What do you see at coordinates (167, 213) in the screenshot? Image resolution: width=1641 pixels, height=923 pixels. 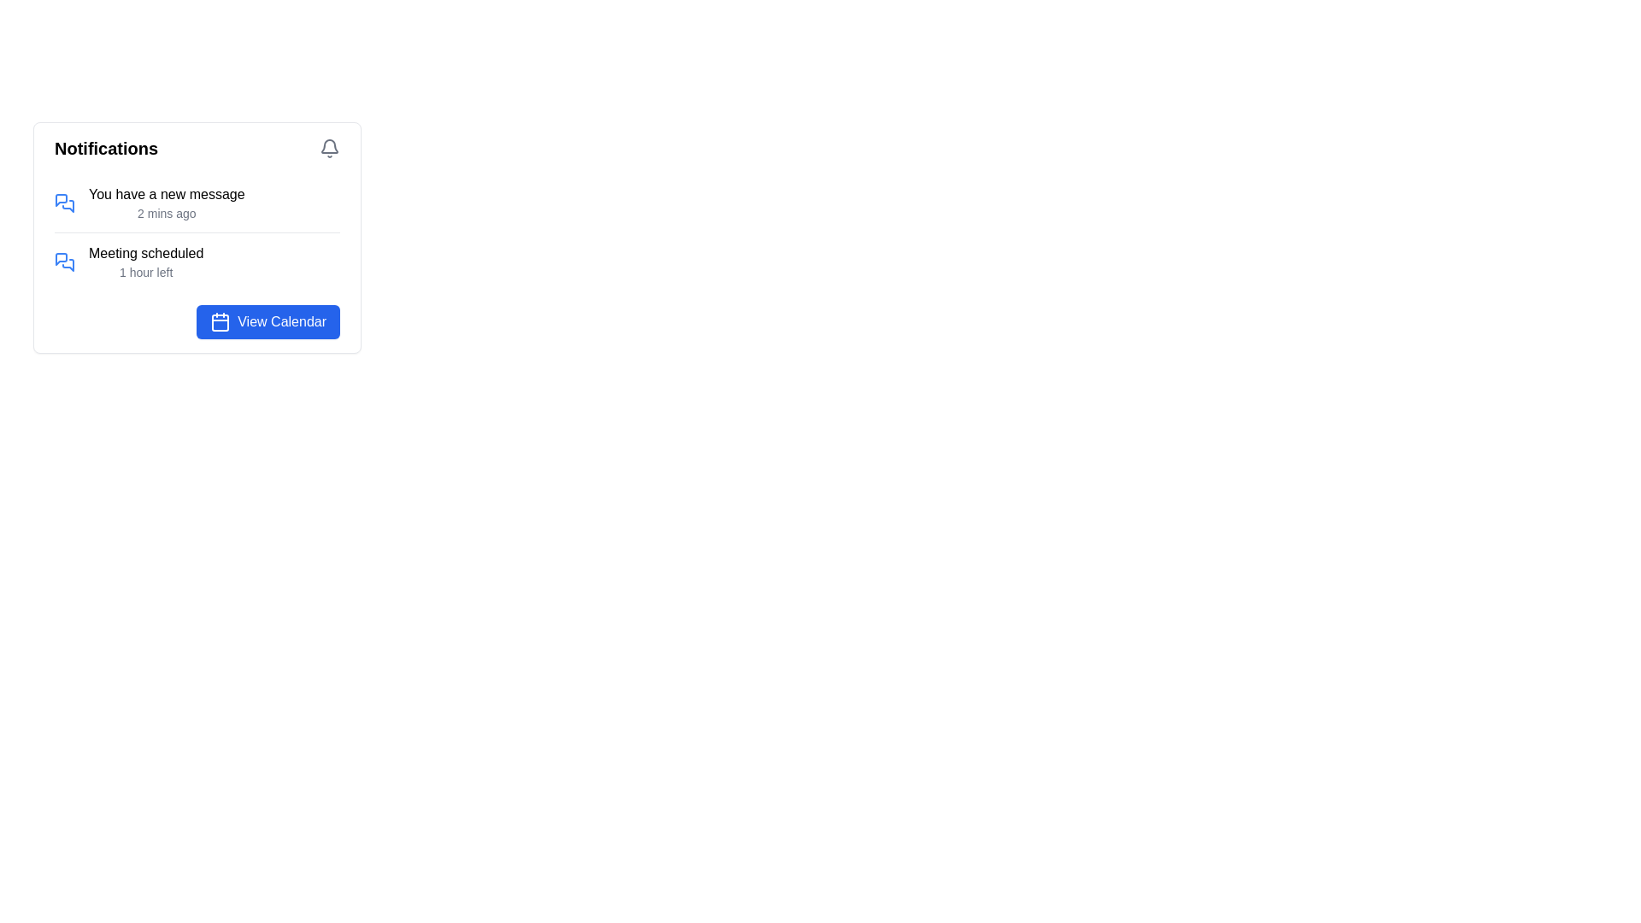 I see `the static text label displaying '2 mins ago' located directly underneath the 'You have a new message' text within the notification card` at bounding box center [167, 213].